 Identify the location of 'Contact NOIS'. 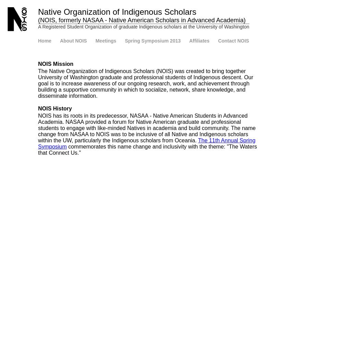
(217, 40).